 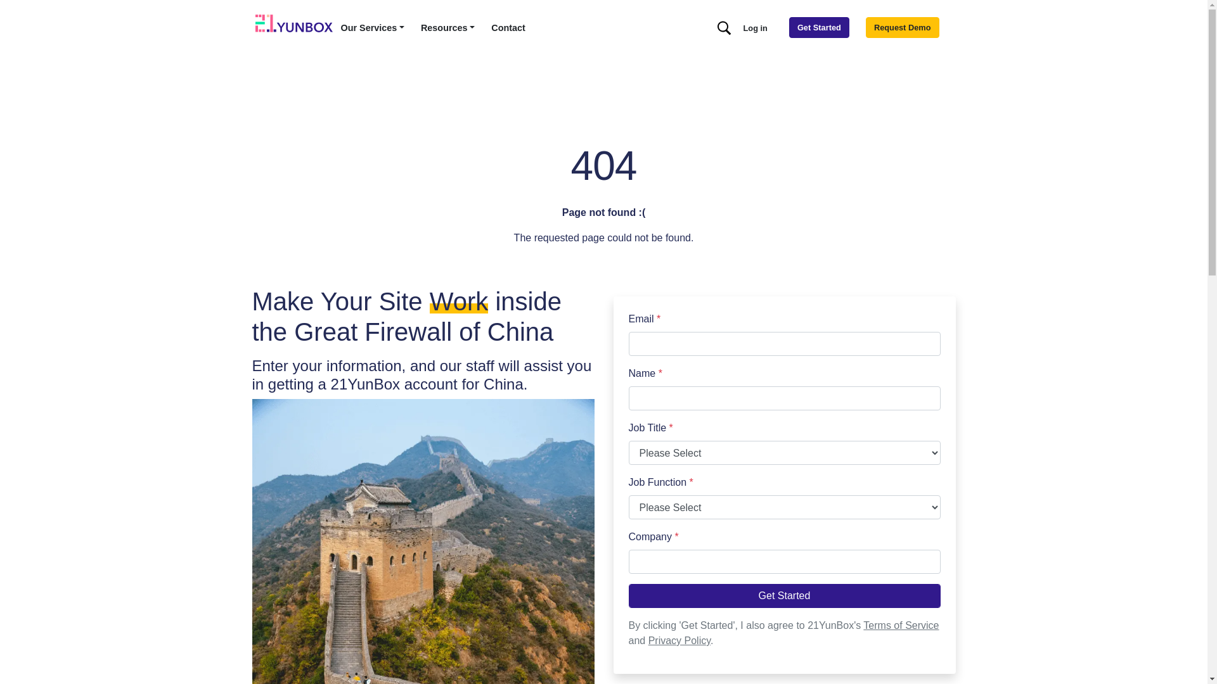 What do you see at coordinates (678, 640) in the screenshot?
I see `'Privacy Policy'` at bounding box center [678, 640].